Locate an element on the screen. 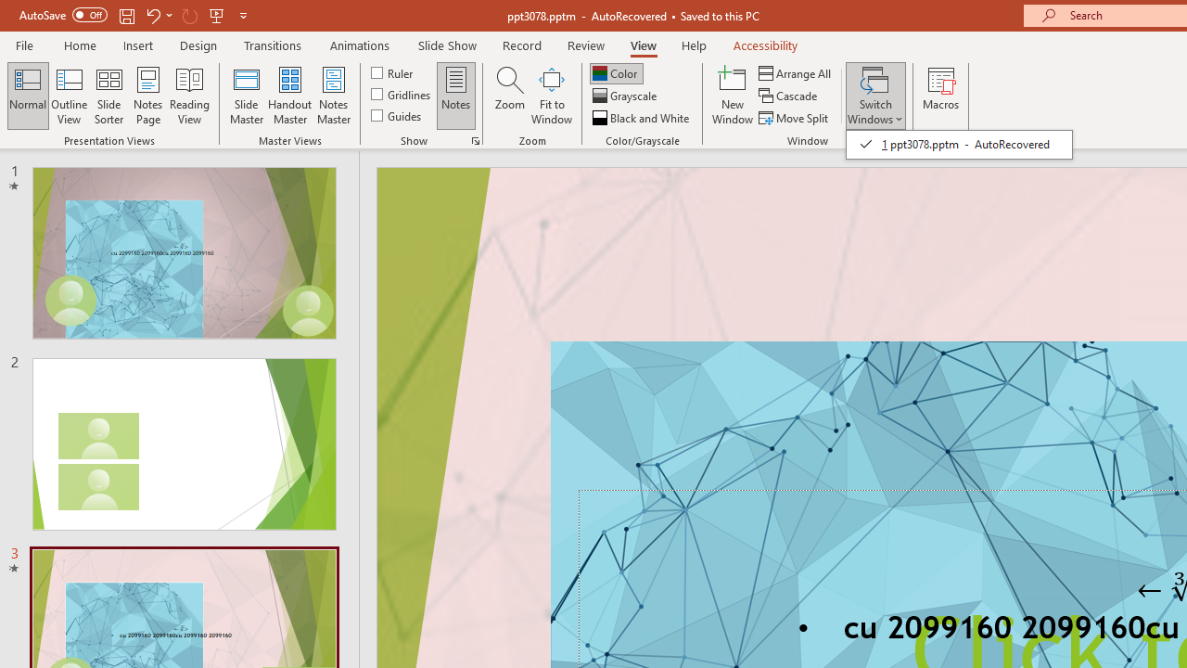 This screenshot has height=668, width=1187. 'Grid Settings...' is located at coordinates (476, 139).